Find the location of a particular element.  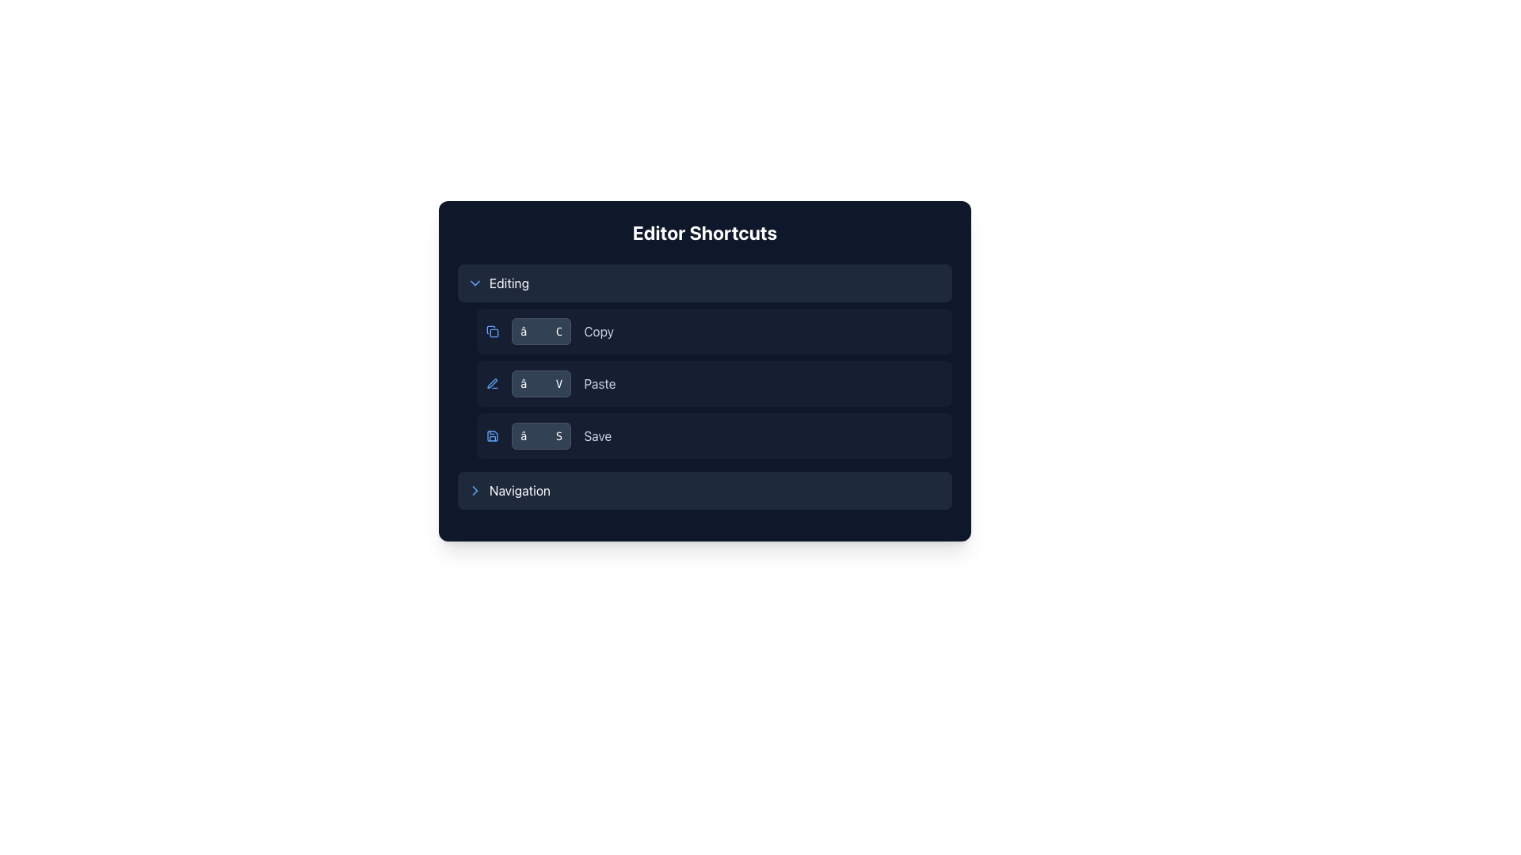

the toggle icon located to the left of the 'Editing' label is located at coordinates (475, 283).